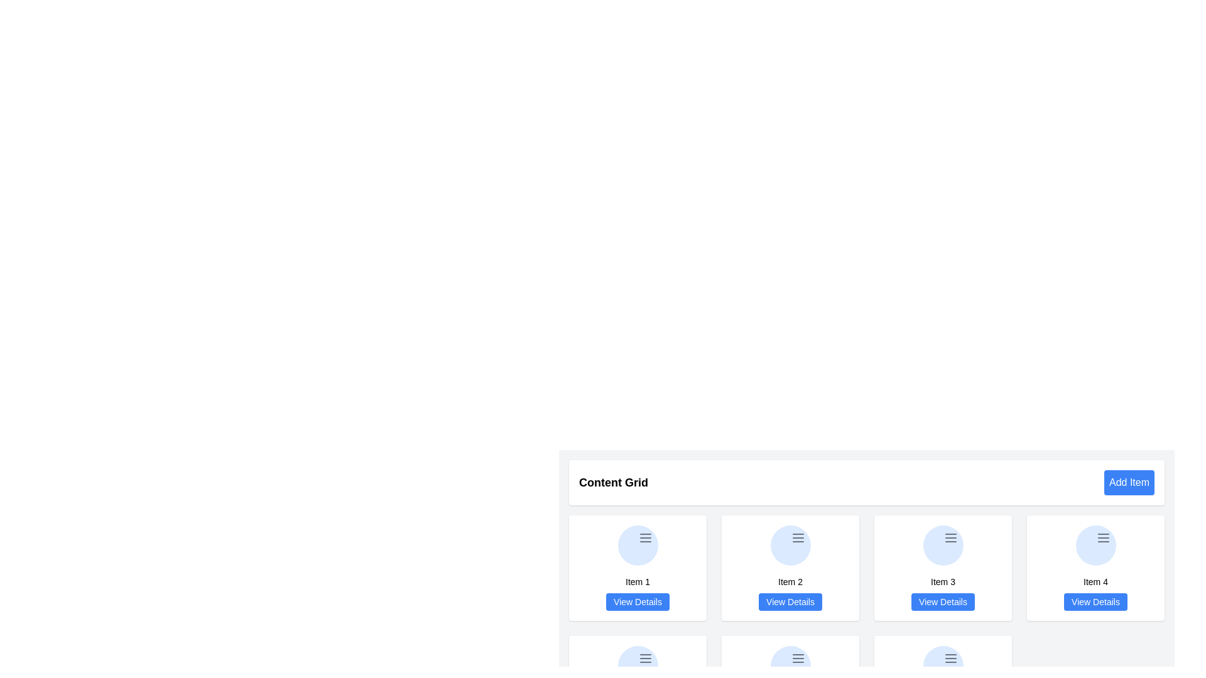 This screenshot has height=678, width=1206. Describe the element at coordinates (943, 581) in the screenshot. I see `the text label that contains 'Item 3', which is located at the bottom center of the third card in a four-card horizontal row` at that location.